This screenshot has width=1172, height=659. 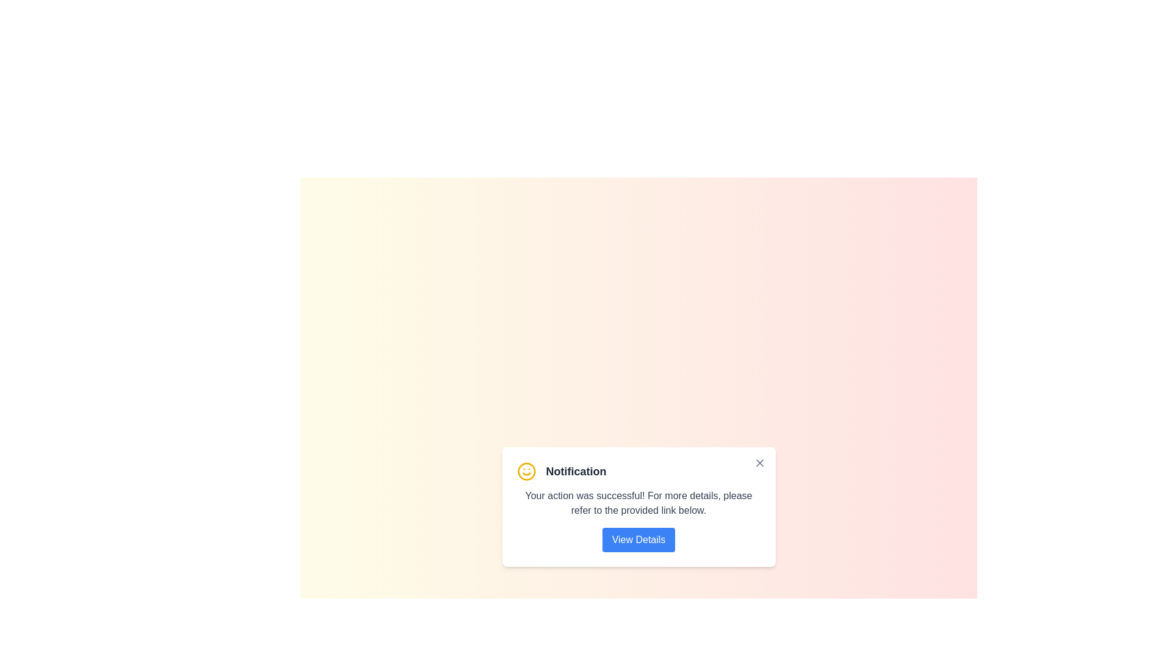 I want to click on 'X' button in the top-right corner of the alert to close it, so click(x=759, y=463).